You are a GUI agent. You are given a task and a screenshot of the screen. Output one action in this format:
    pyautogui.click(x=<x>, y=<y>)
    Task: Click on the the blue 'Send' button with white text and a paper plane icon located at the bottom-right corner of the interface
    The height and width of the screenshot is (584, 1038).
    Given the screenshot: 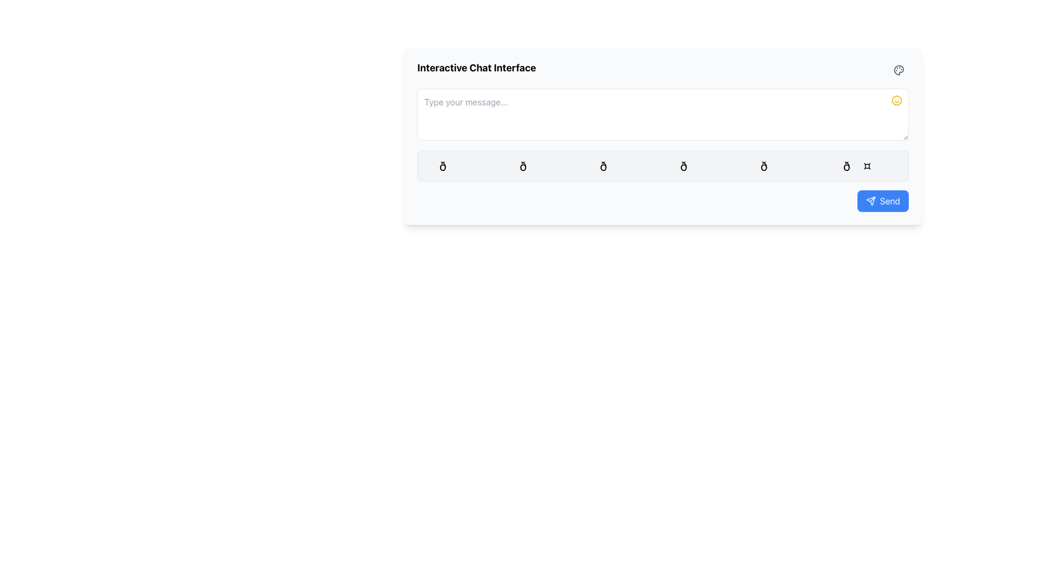 What is the action you would take?
    pyautogui.click(x=883, y=201)
    